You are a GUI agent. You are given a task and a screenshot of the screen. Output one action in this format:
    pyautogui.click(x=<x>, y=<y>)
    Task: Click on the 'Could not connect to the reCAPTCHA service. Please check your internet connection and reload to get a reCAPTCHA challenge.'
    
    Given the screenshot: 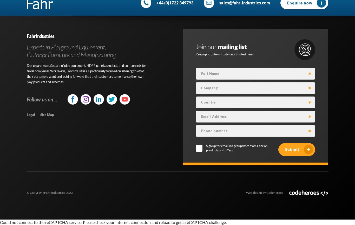 What is the action you would take?
    pyautogui.click(x=113, y=222)
    